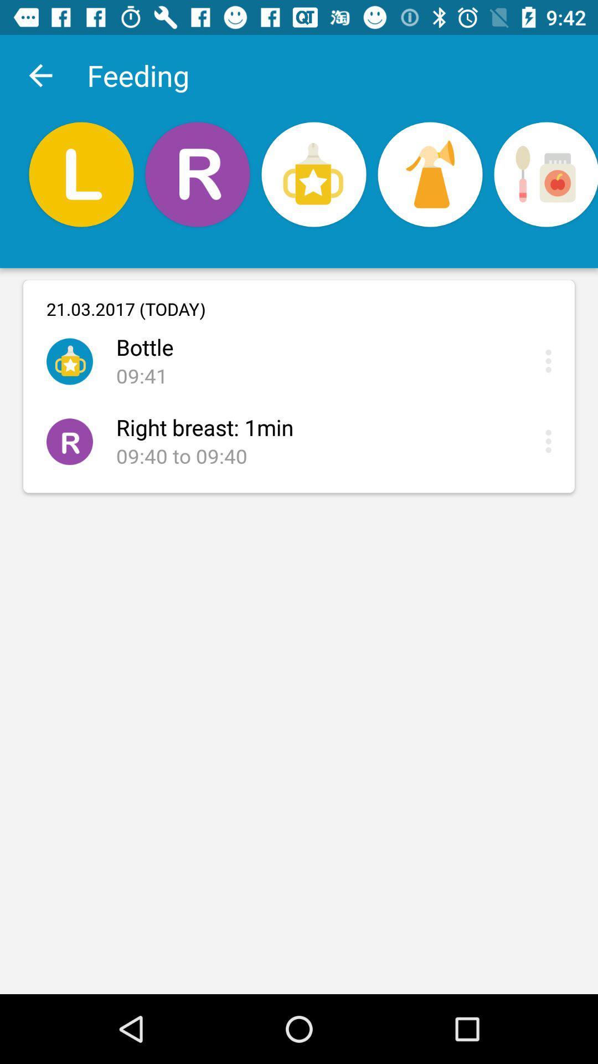 The height and width of the screenshot is (1064, 598). I want to click on open more options, so click(551, 441).